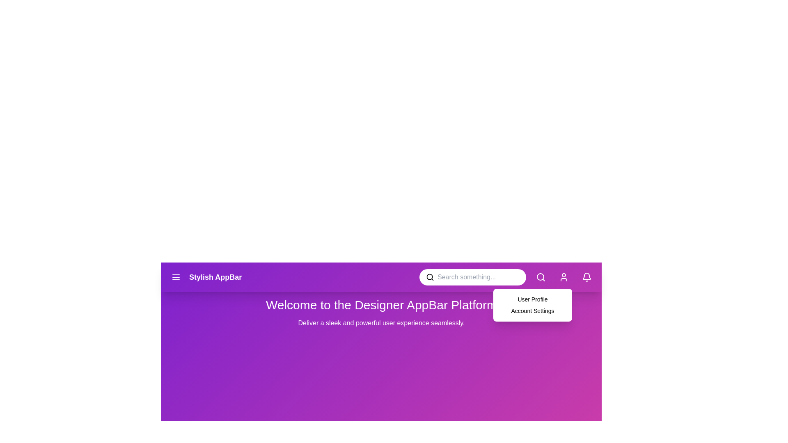 The height and width of the screenshot is (443, 788). I want to click on the search icon to toggle the search bar visibility, so click(541, 277).